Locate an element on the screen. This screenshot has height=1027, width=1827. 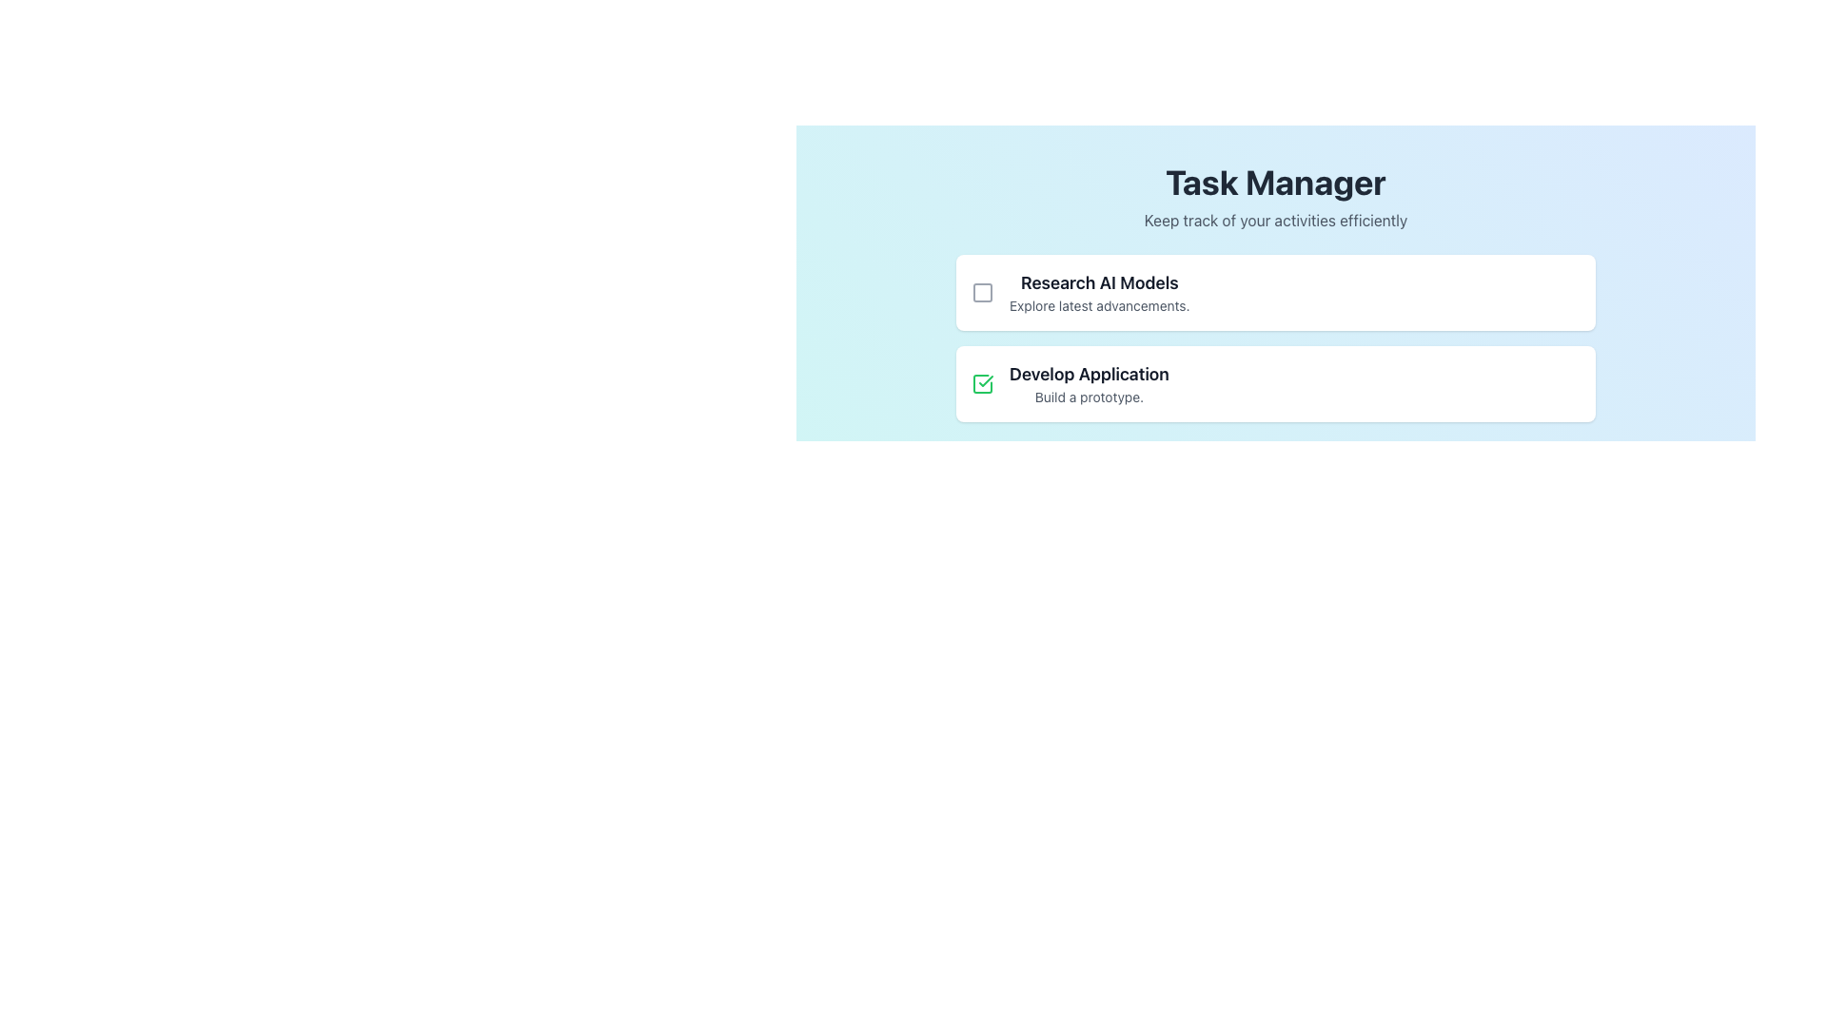
the checkbox next to 'Research AI Models' is located at coordinates (982, 293).